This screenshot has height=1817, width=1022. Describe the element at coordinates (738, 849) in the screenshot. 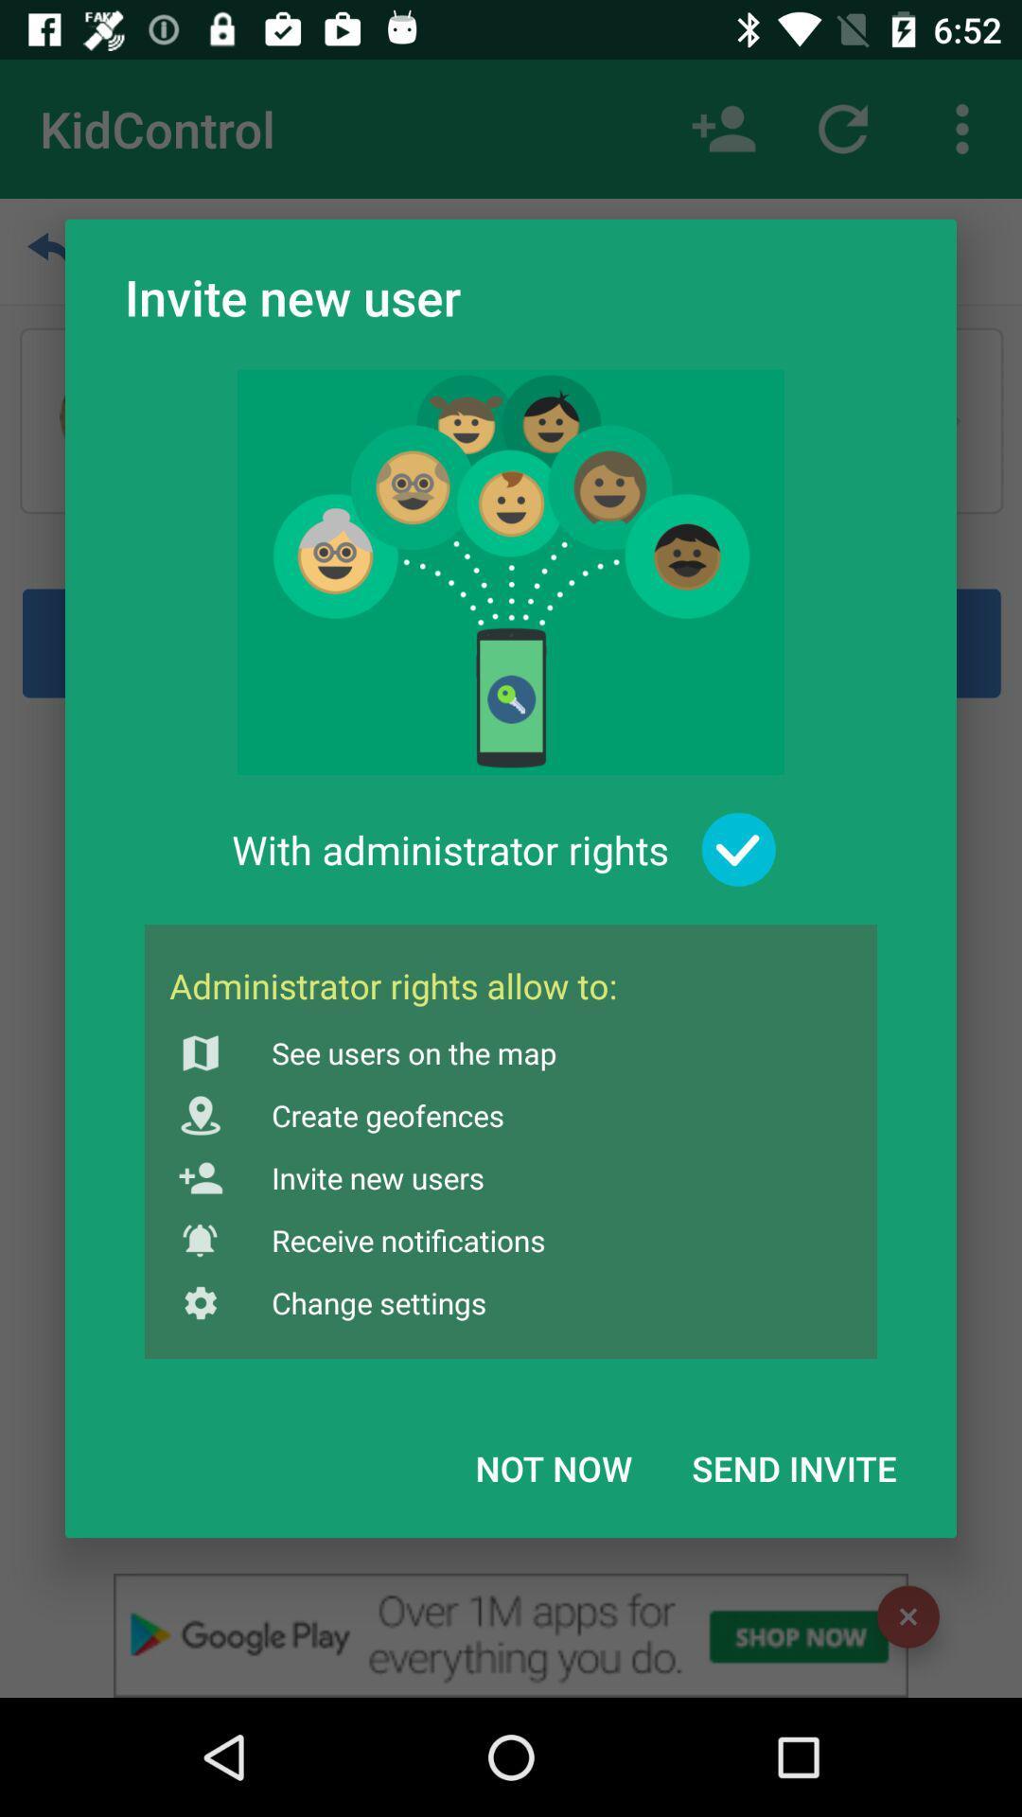

I see `the item above the send invite item` at that location.